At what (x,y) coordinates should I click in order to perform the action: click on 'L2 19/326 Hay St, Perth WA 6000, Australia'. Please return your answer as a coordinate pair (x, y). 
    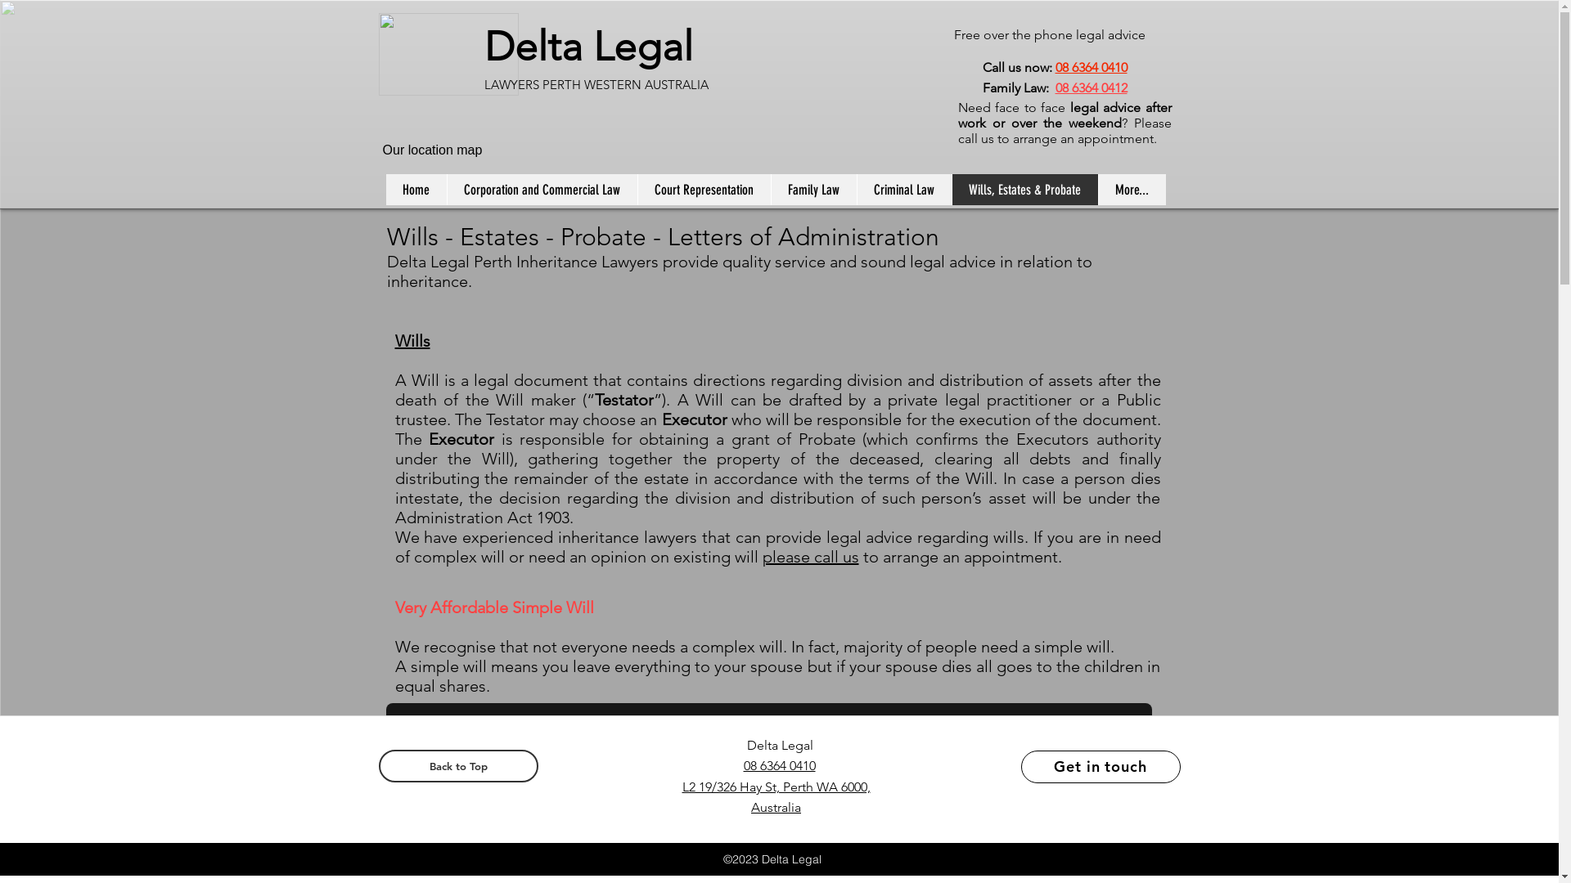
    Looking at the image, I should click on (776, 796).